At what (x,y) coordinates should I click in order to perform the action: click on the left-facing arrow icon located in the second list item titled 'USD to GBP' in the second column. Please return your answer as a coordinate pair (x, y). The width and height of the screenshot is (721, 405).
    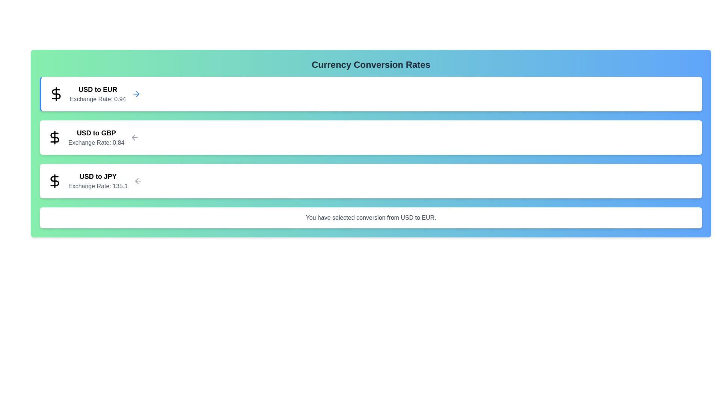
    Looking at the image, I should click on (137, 181).